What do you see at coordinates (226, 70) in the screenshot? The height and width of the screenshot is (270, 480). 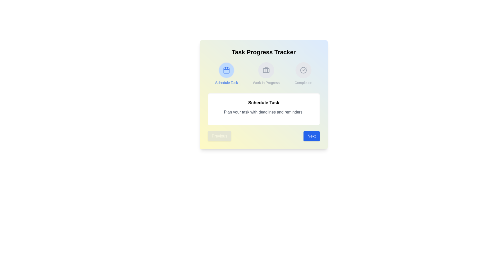 I see `the step icon corresponding to Schedule Task` at bounding box center [226, 70].